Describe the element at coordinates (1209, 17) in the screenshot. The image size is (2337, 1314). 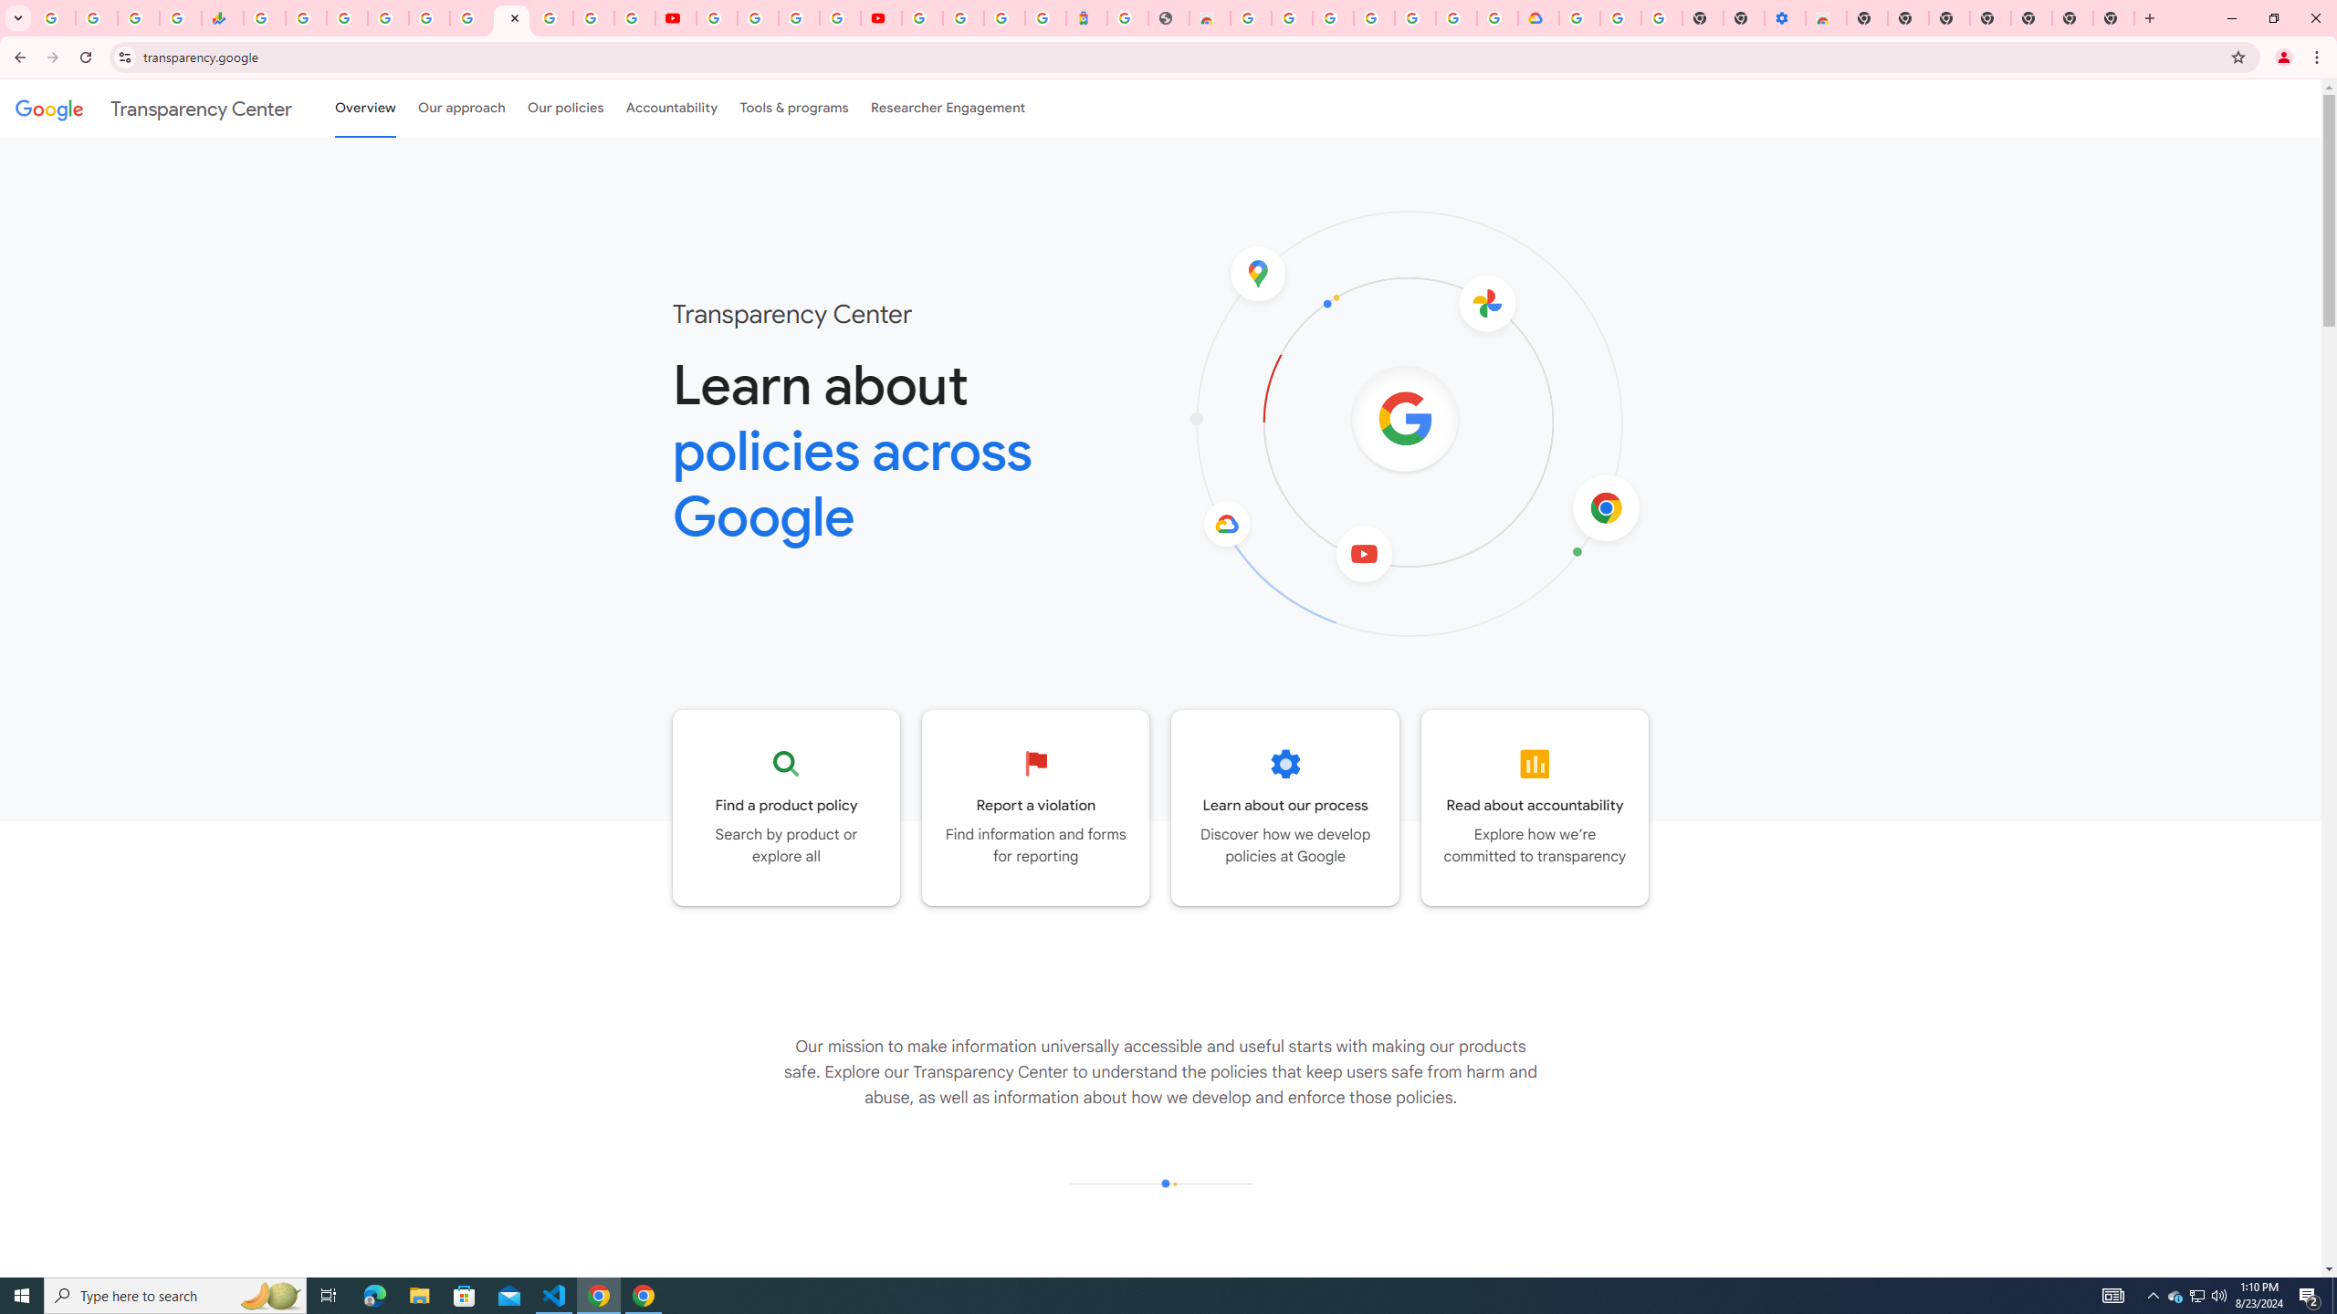
I see `'Chrome Web Store - Household'` at that location.